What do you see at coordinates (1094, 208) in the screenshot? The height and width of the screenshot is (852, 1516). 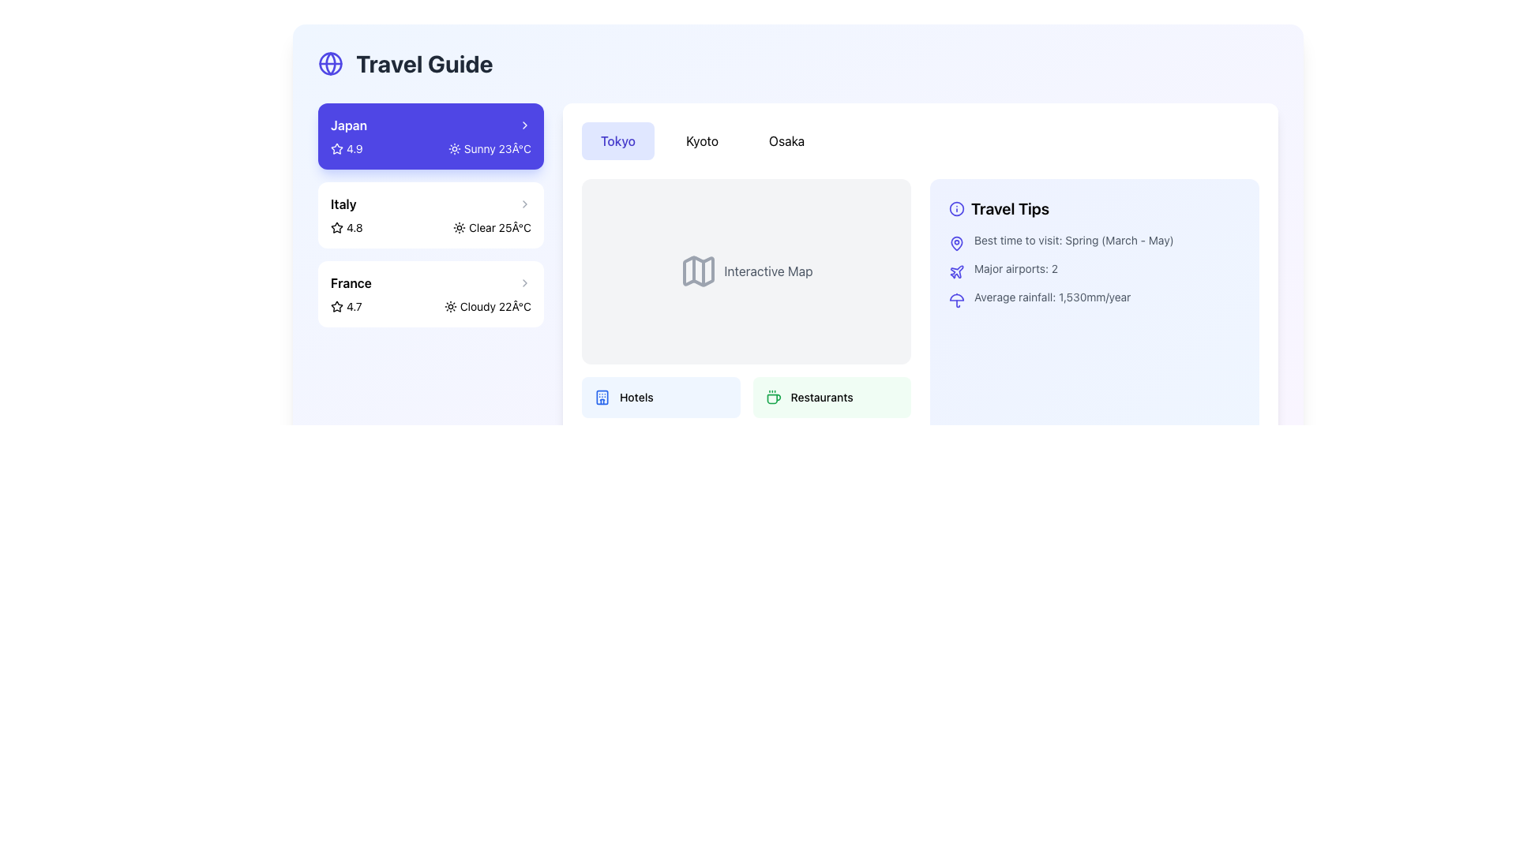 I see `information icon associated with the 'Travel Tips' heading, which is the first item in the card-like section on the right side of the layout` at bounding box center [1094, 208].